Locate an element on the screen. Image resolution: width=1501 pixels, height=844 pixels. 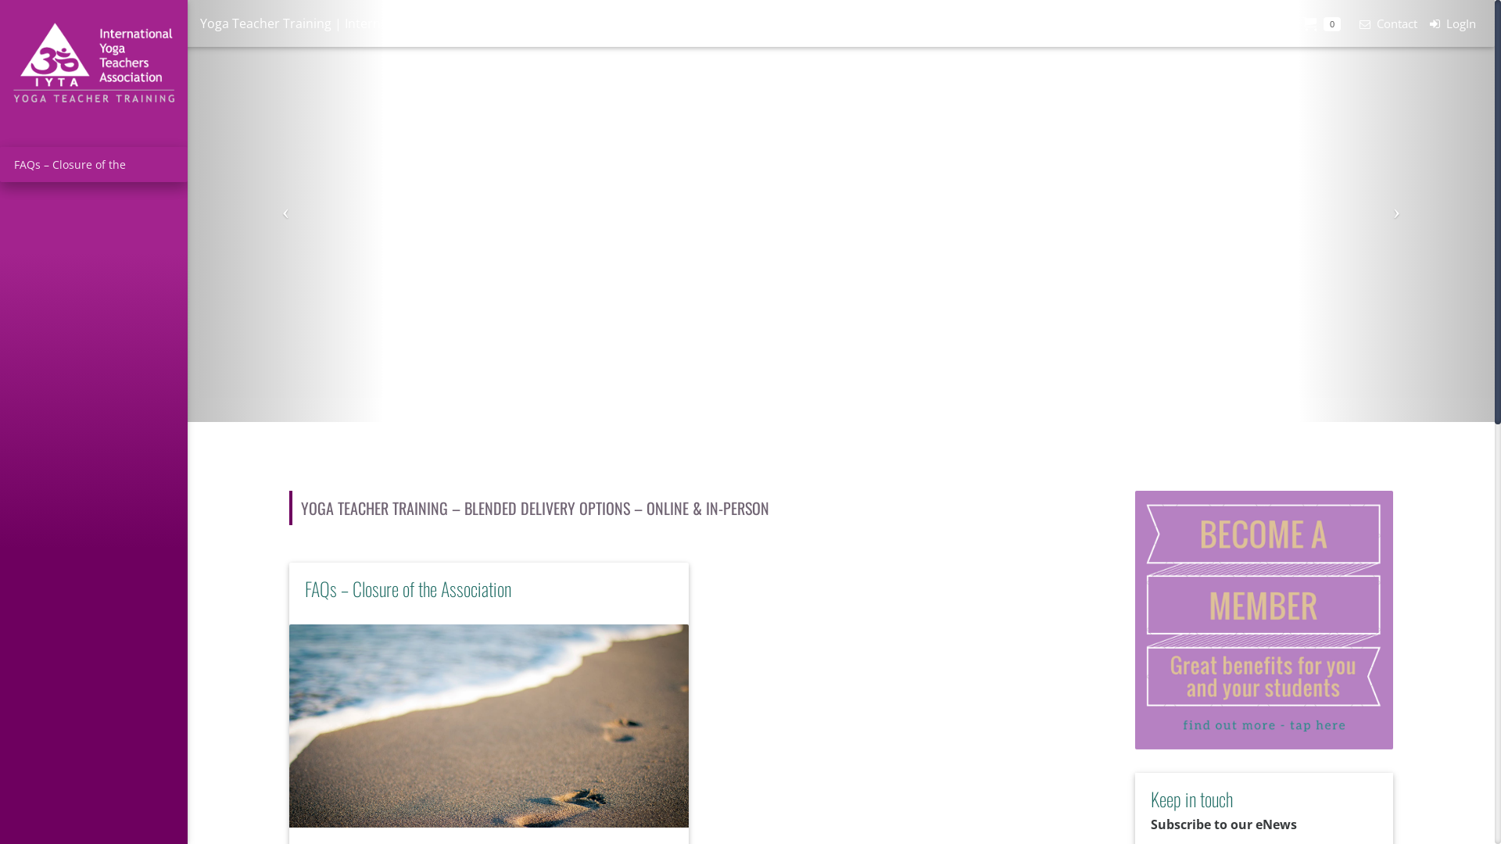
'Contact' is located at coordinates (1346, 23).